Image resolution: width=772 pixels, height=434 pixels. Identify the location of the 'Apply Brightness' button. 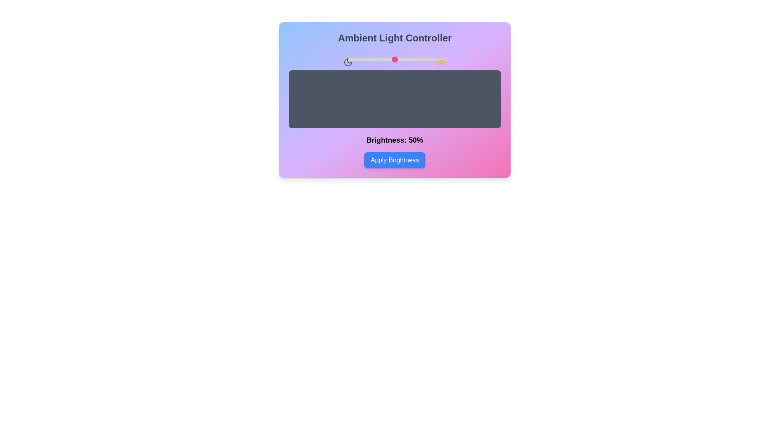
(395, 160).